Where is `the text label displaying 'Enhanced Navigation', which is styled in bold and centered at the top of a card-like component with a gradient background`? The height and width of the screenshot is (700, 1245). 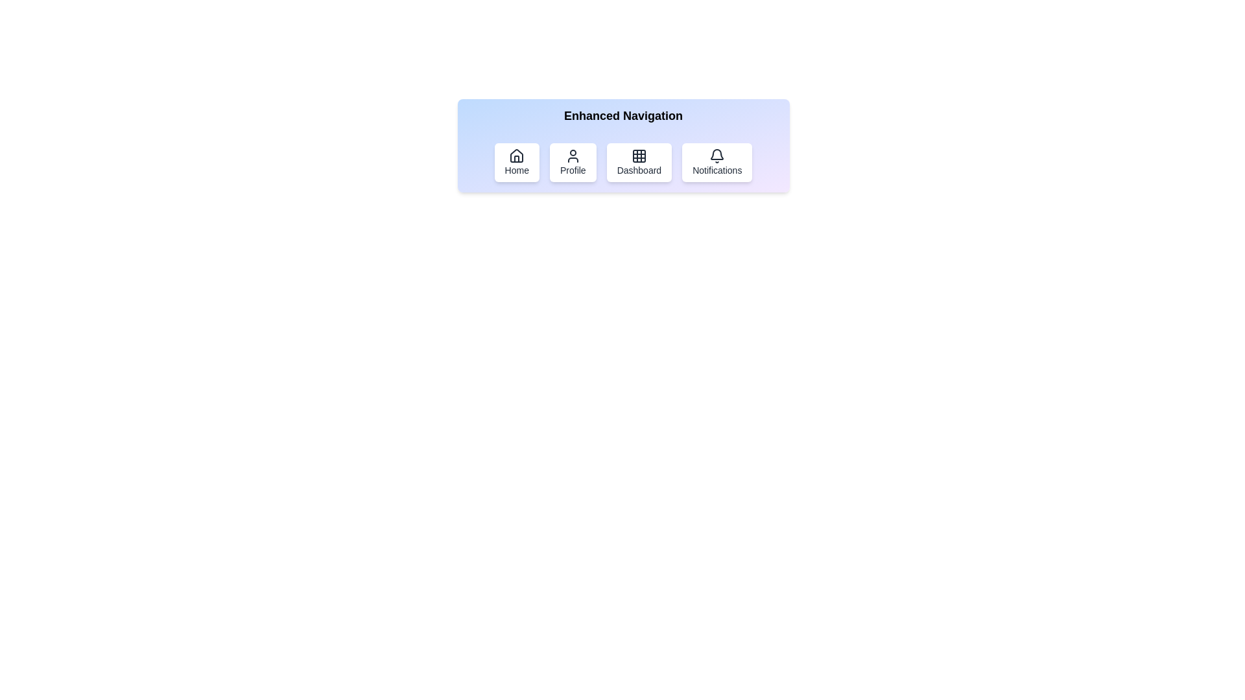
the text label displaying 'Enhanced Navigation', which is styled in bold and centered at the top of a card-like component with a gradient background is located at coordinates (623, 115).